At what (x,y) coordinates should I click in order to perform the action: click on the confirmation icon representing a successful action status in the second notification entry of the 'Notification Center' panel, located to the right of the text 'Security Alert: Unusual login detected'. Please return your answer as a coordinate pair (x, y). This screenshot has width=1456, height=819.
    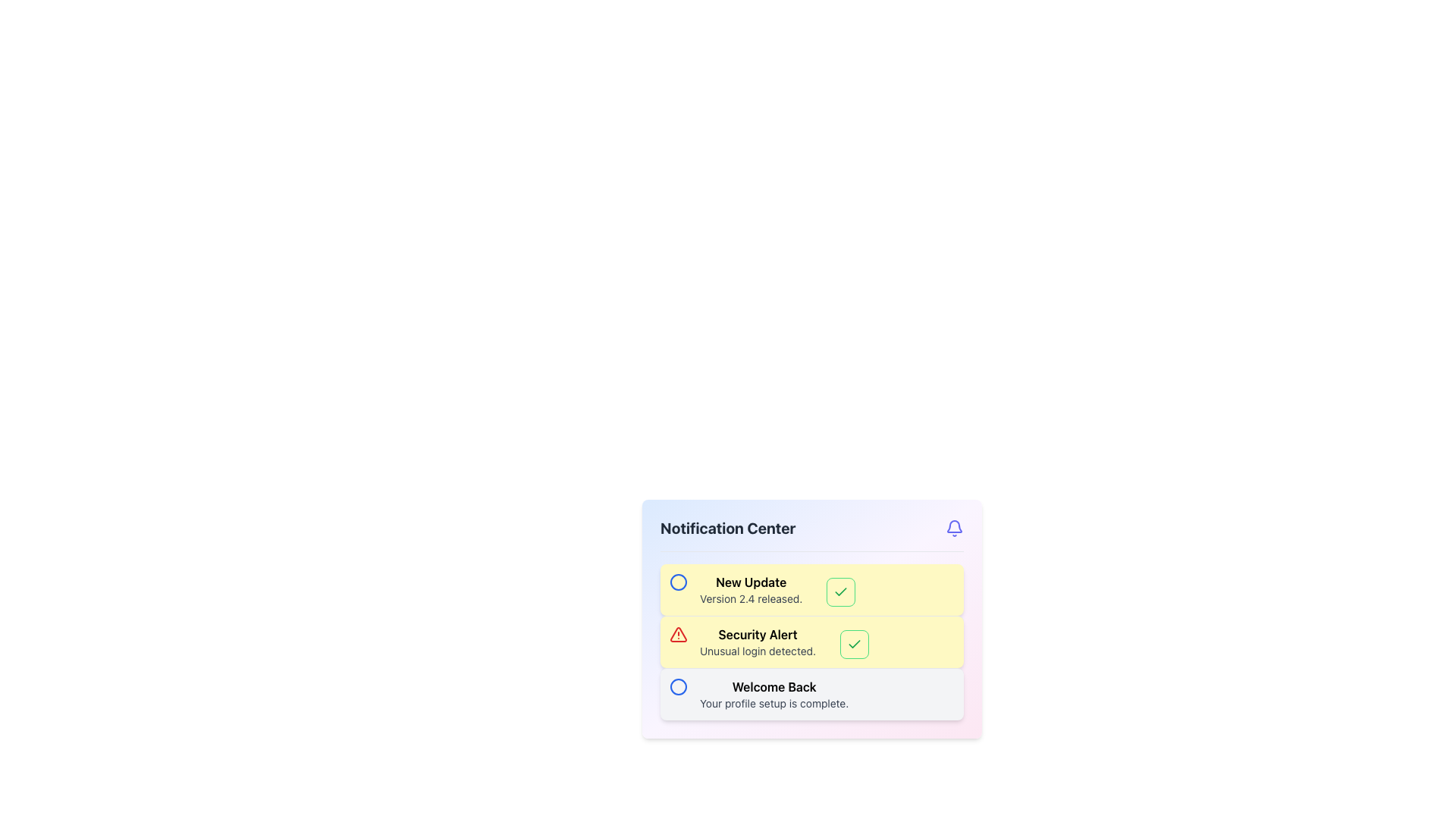
    Looking at the image, I should click on (840, 591).